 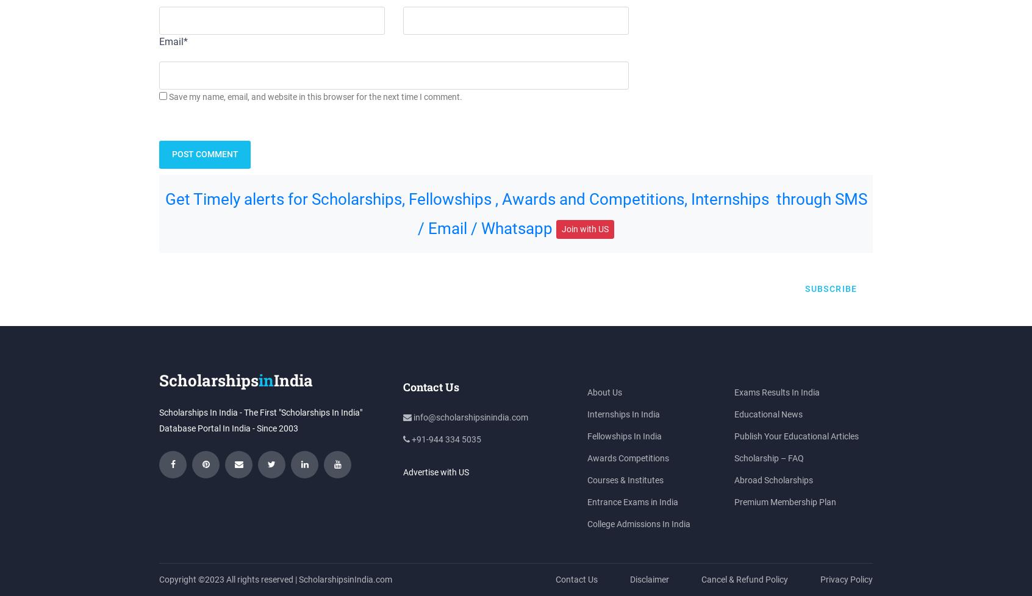 I want to click on 'College Admissions In India', so click(x=638, y=522).